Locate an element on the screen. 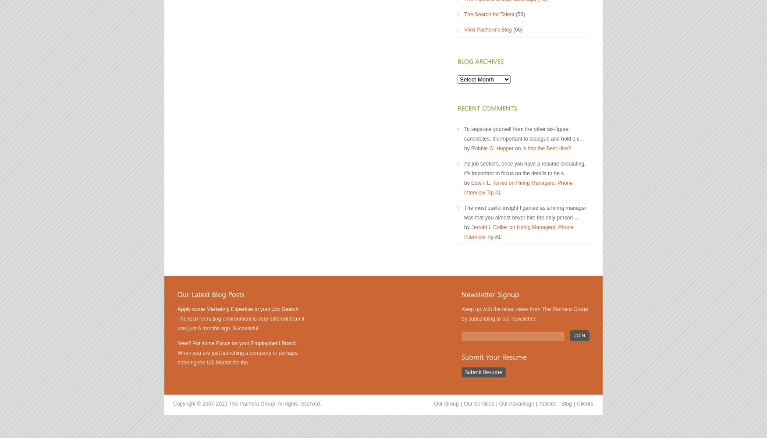  'Apply some Marketing Expertise to your Job Search' is located at coordinates (238, 309).